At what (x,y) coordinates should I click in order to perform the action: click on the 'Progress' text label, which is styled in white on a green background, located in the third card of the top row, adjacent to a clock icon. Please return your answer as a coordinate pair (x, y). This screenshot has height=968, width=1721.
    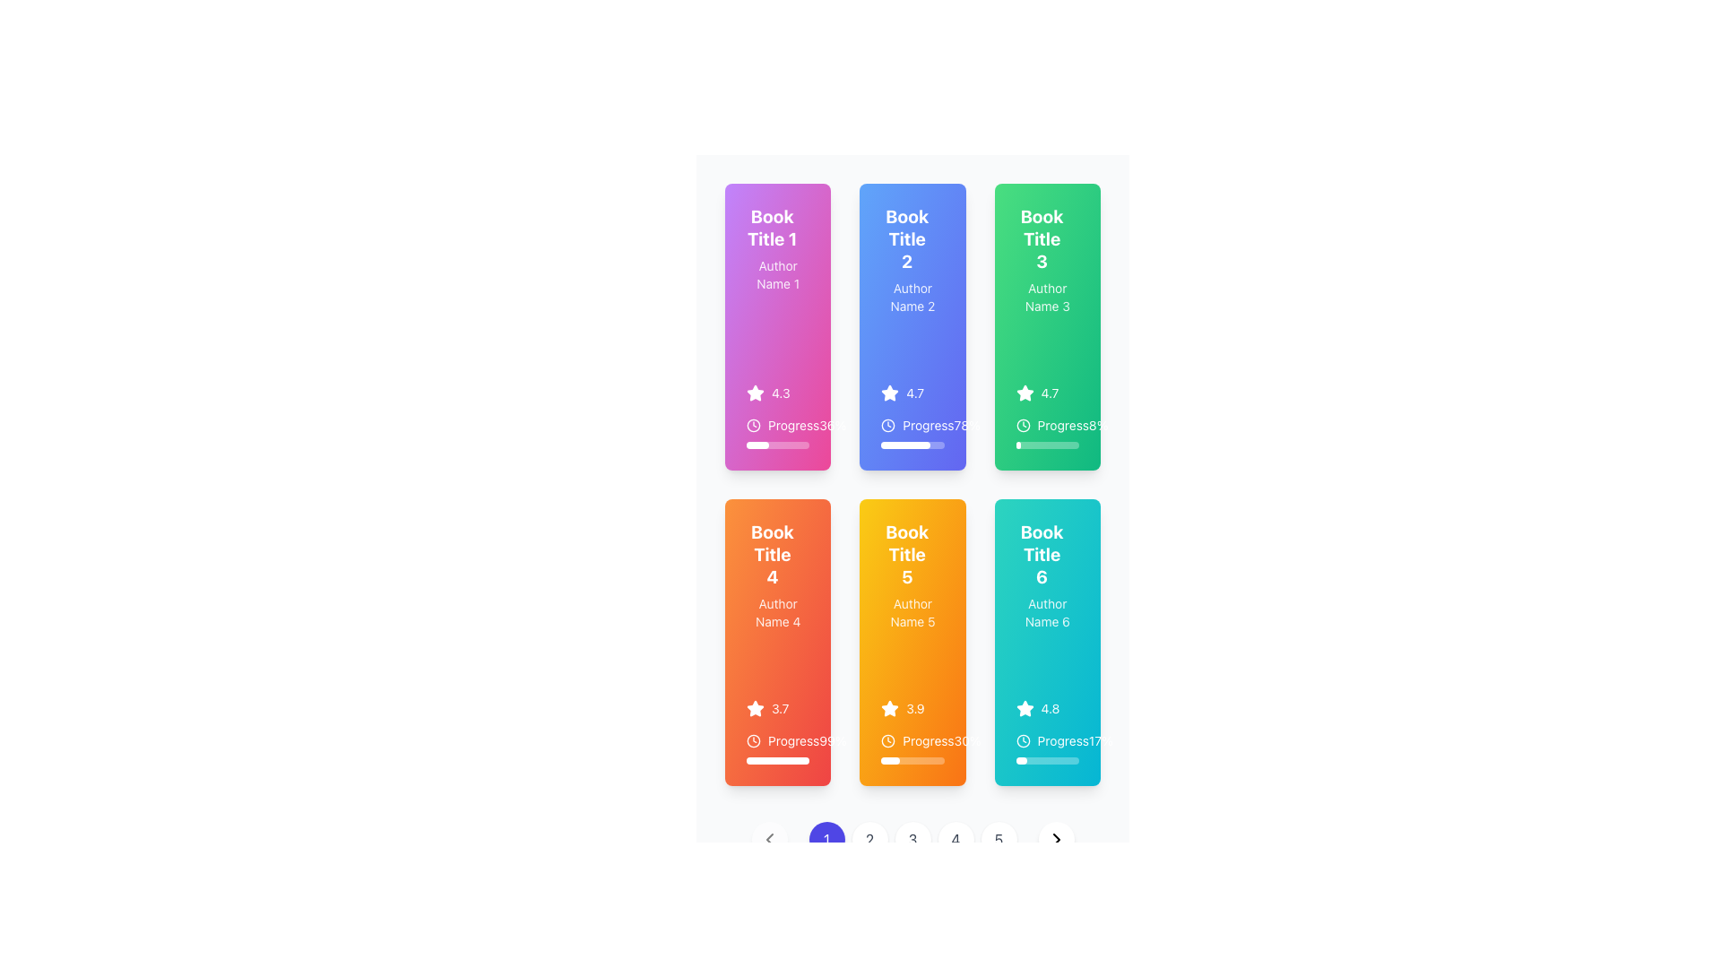
    Looking at the image, I should click on (1063, 425).